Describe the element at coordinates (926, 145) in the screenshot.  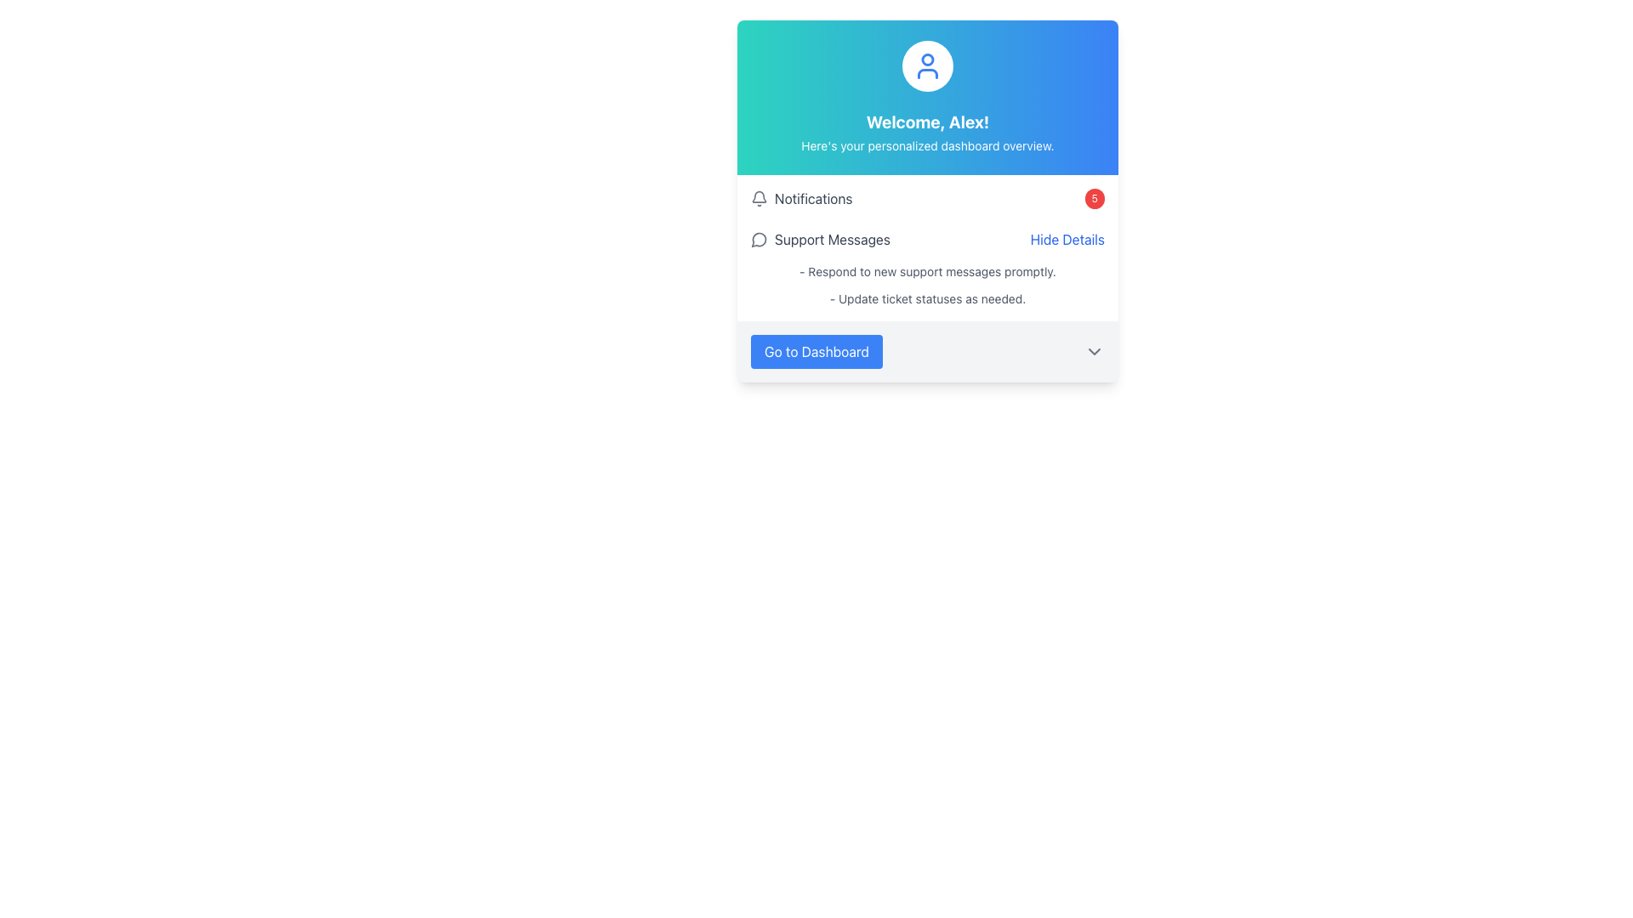
I see `the static text element that displays 'Here's your personalized dashboard overview.' which is located directly beneath the header 'Welcome, Alex!'` at that location.